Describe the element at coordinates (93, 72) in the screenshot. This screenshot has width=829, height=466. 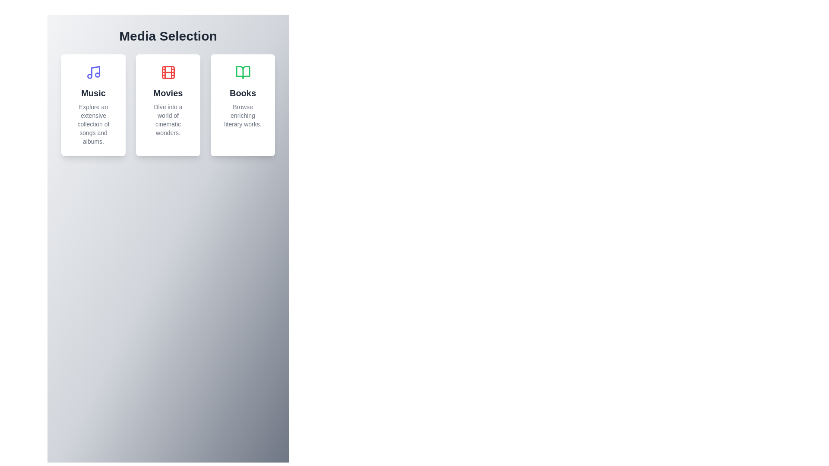
I see `the indigo musical note icon located at the top-center of the 'Music' card` at that location.